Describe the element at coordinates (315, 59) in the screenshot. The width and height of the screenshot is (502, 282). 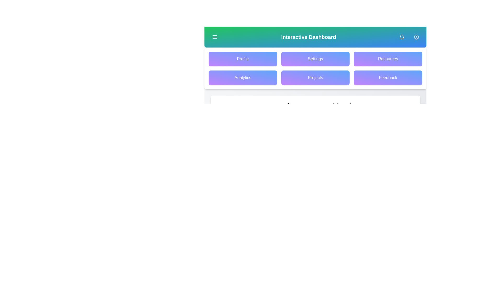
I see `the Settings button in the grid` at that location.